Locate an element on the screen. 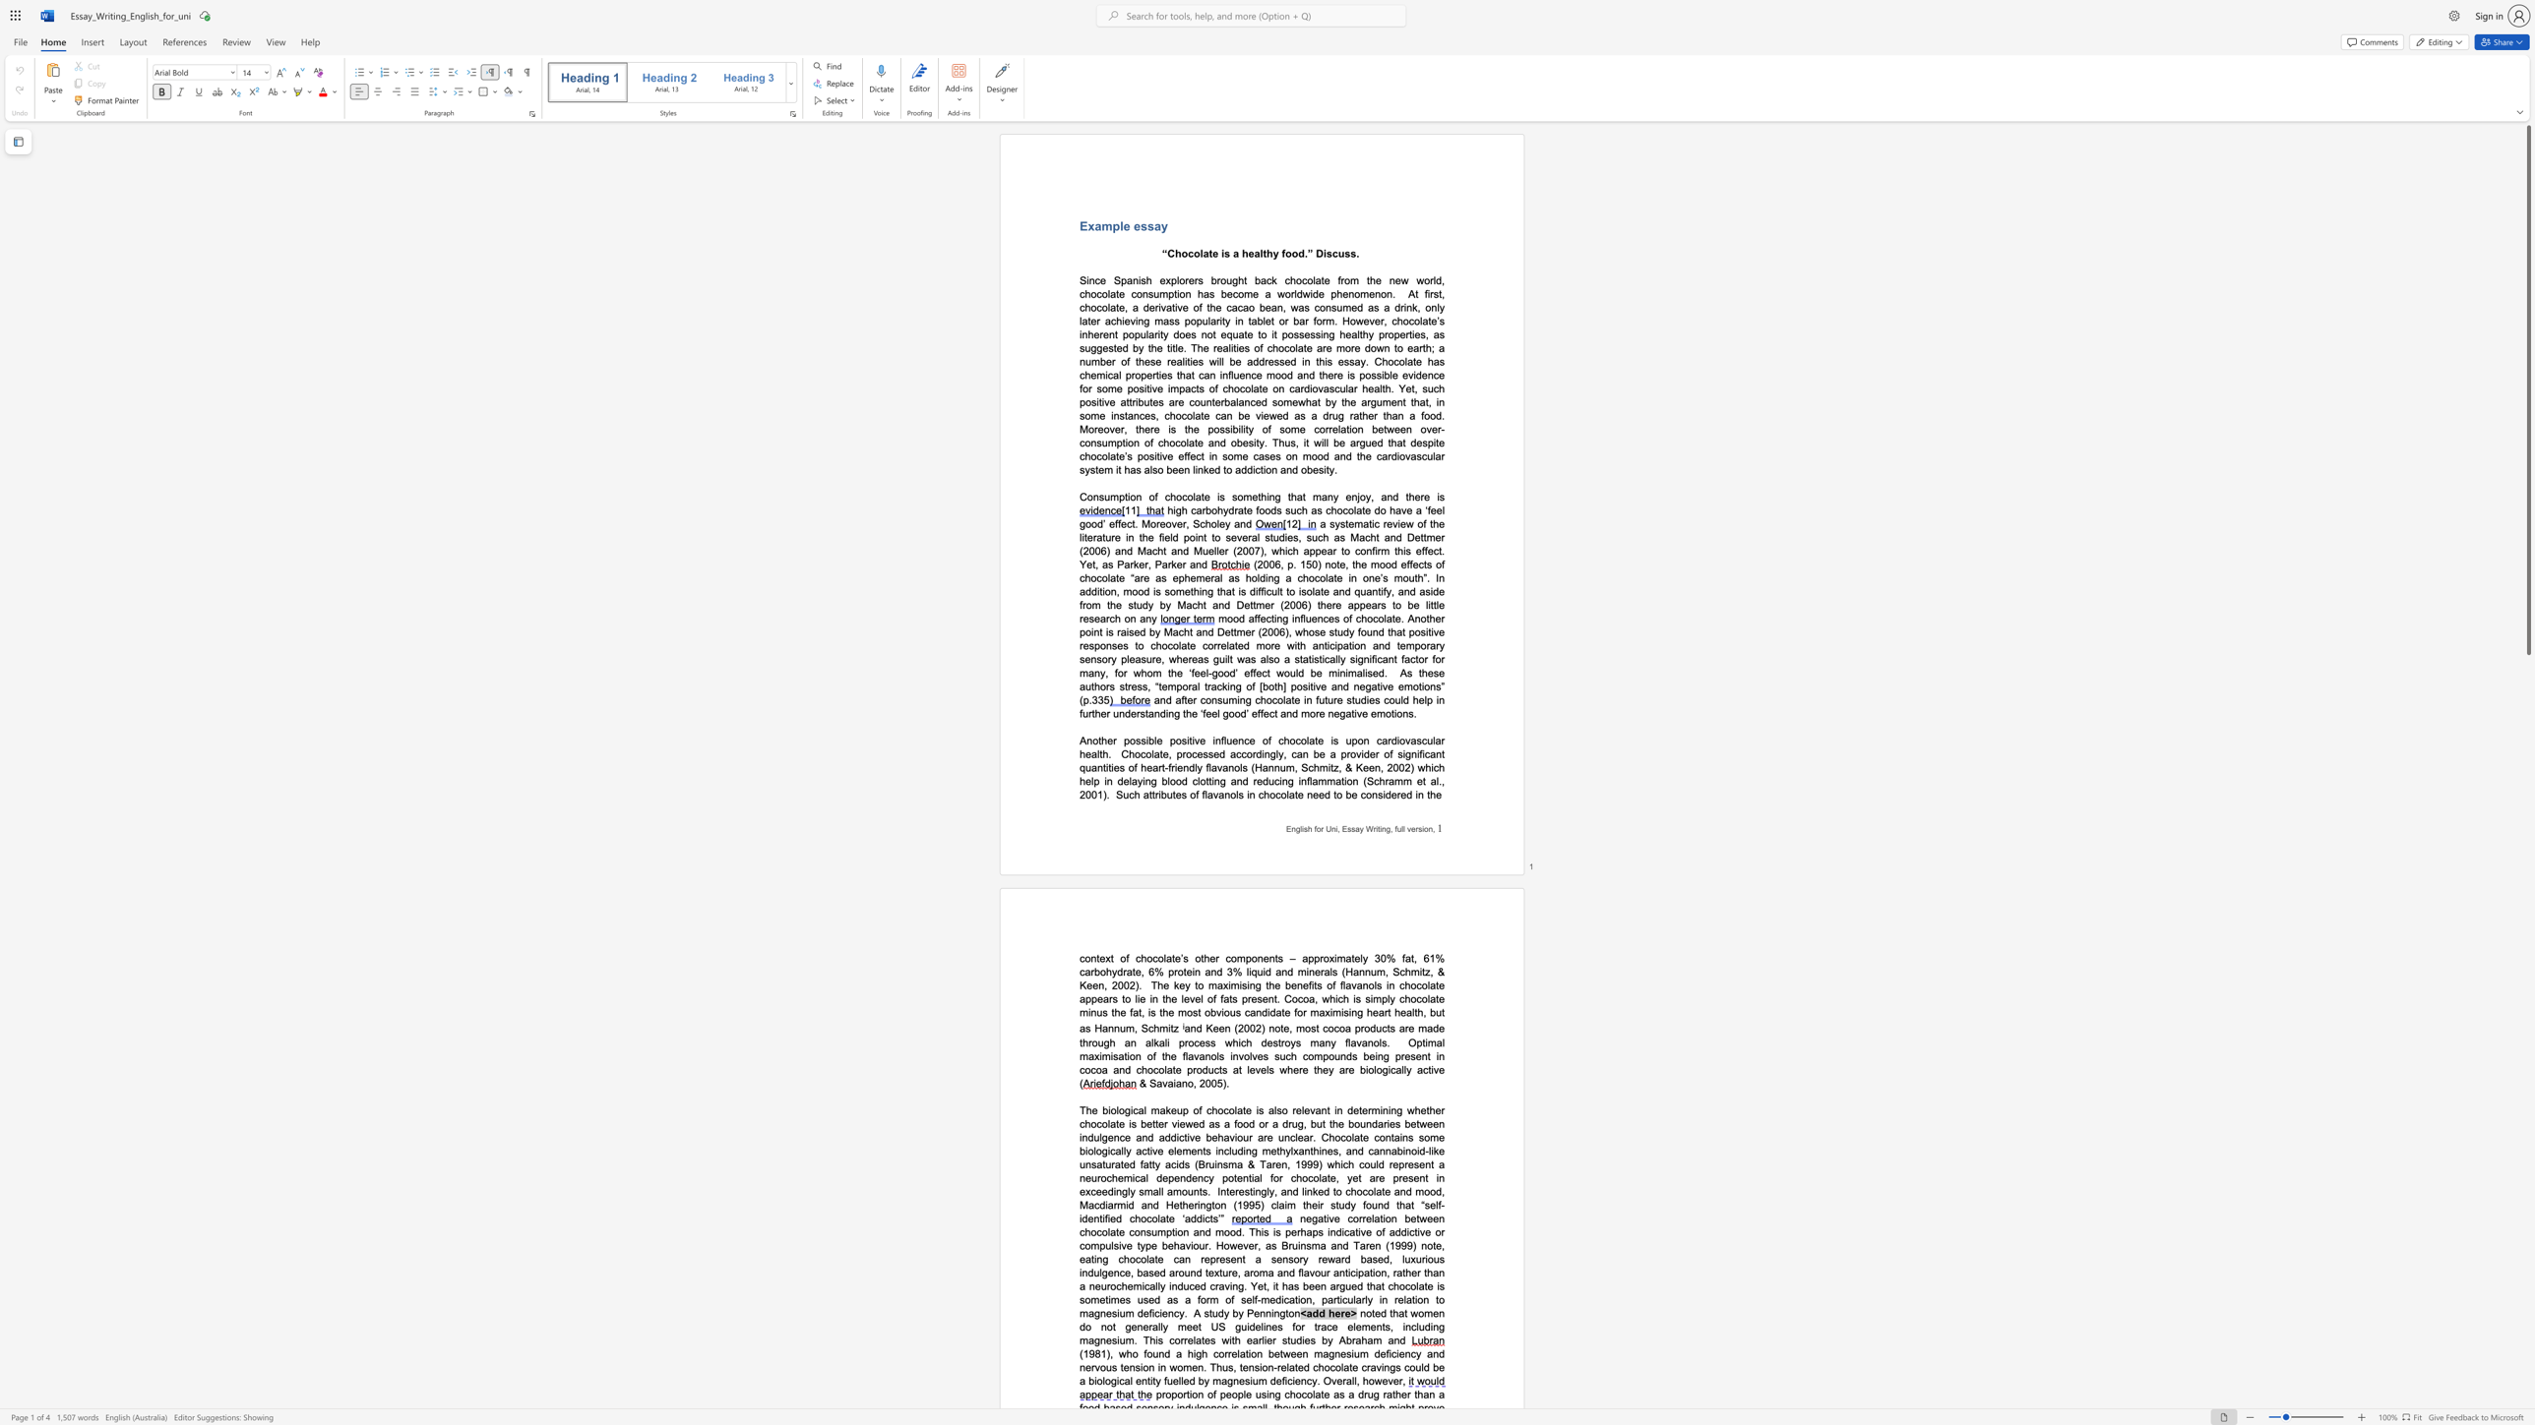 The image size is (2535, 1425). the scrollbar on the right is located at coordinates (2527, 1101).